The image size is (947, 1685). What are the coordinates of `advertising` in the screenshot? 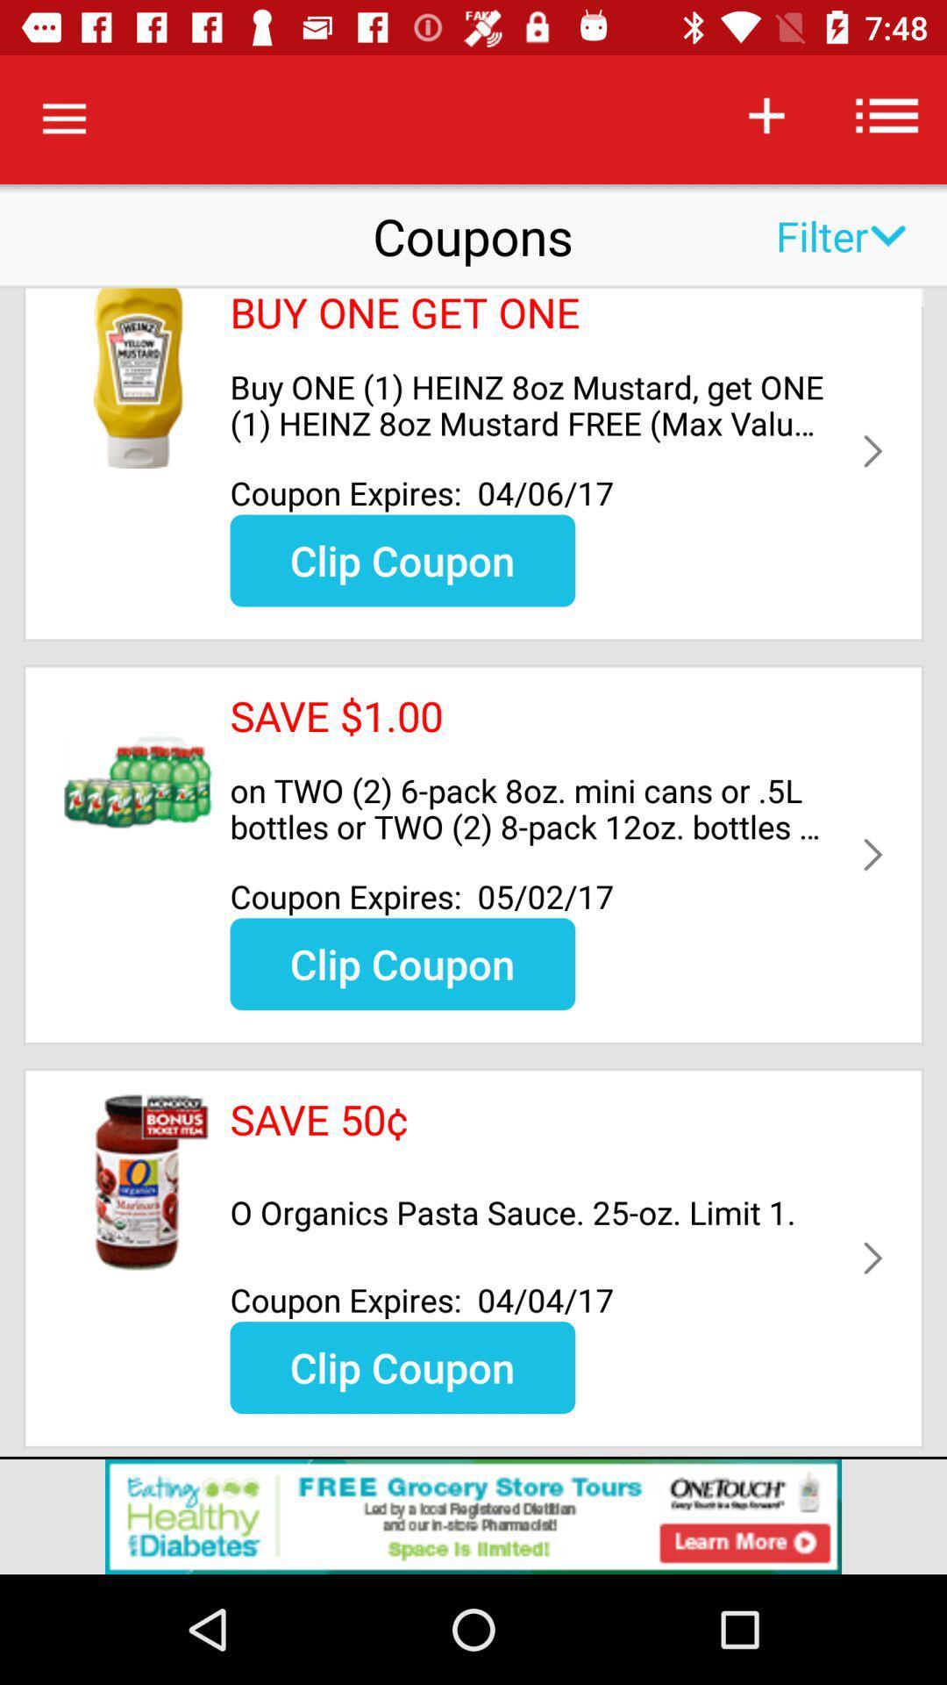 It's located at (473, 1516).